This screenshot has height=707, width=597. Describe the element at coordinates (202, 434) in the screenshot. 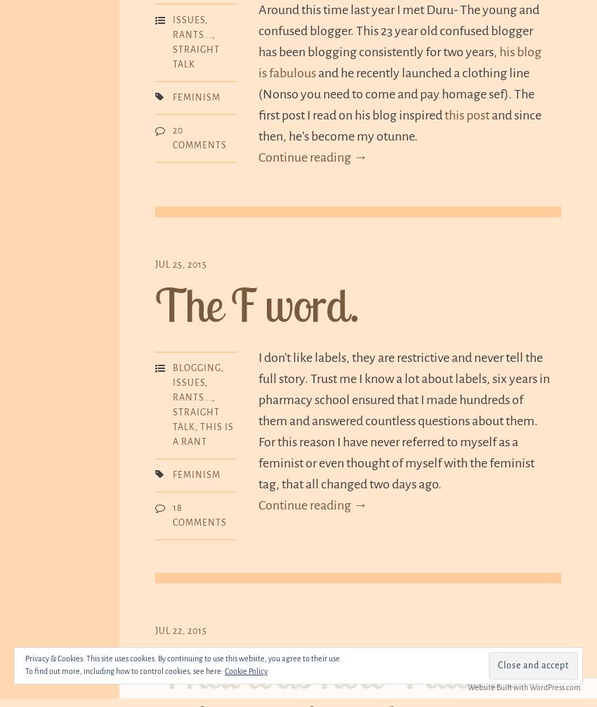

I see `'This is a rant'` at that location.